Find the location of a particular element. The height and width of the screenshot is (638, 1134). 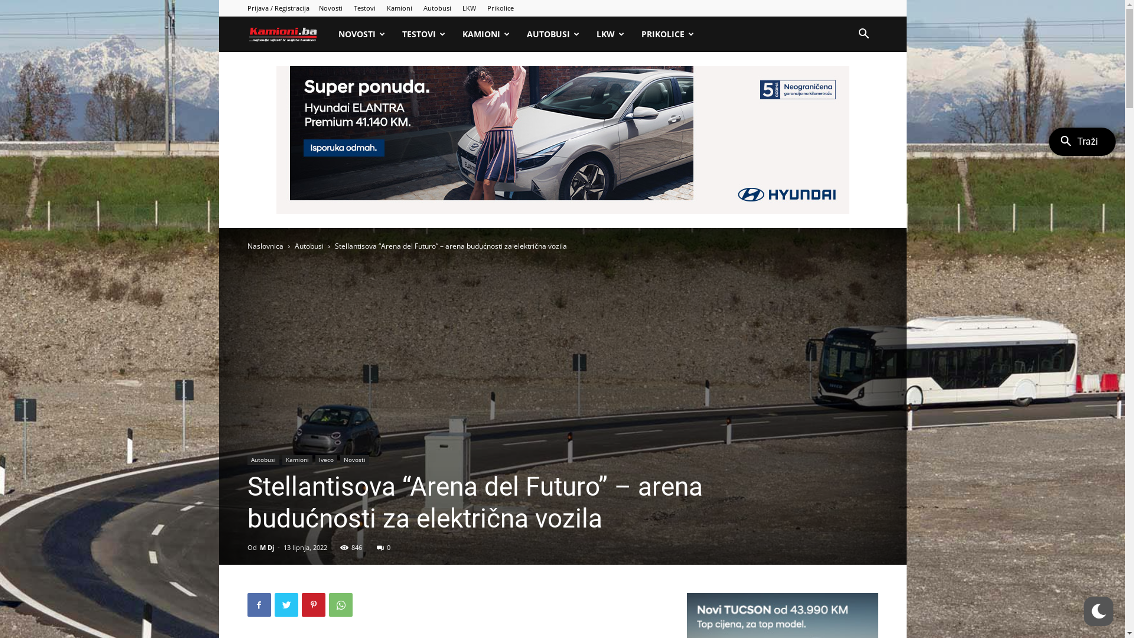

'Novosti' is located at coordinates (331, 8).